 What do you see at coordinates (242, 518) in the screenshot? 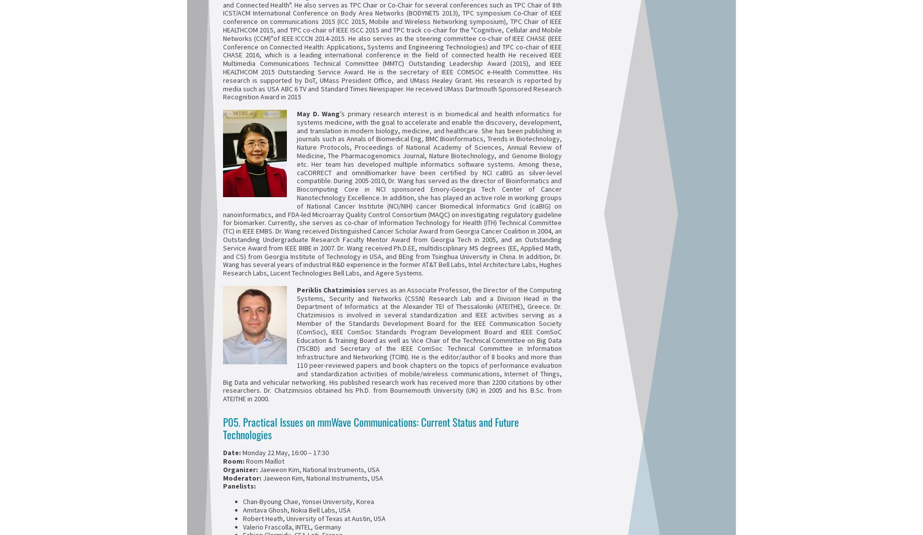
I see `'Robert Heath, University of Texas at Austin, USA'` at bounding box center [242, 518].